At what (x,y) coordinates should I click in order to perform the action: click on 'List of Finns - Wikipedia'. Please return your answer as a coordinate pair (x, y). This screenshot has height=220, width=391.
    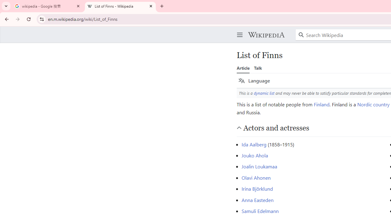
    Looking at the image, I should click on (120, 6).